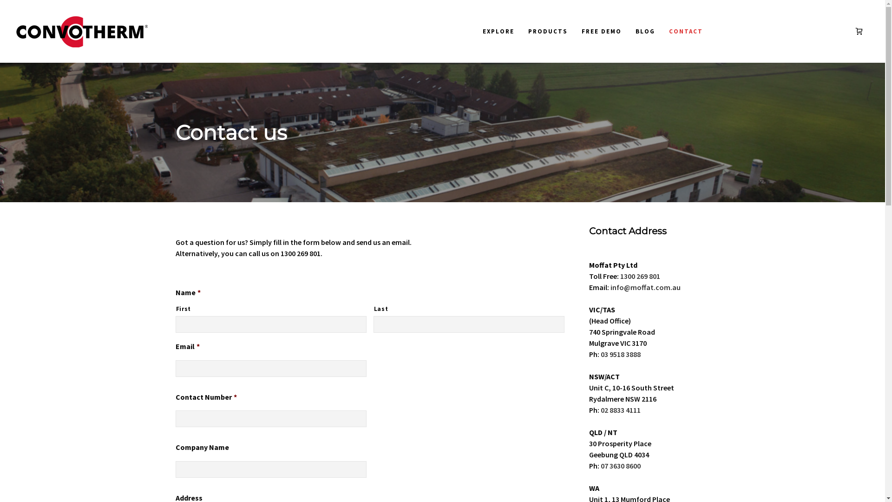 The height and width of the screenshot is (502, 892). What do you see at coordinates (620, 410) in the screenshot?
I see `'02 8833 4111'` at bounding box center [620, 410].